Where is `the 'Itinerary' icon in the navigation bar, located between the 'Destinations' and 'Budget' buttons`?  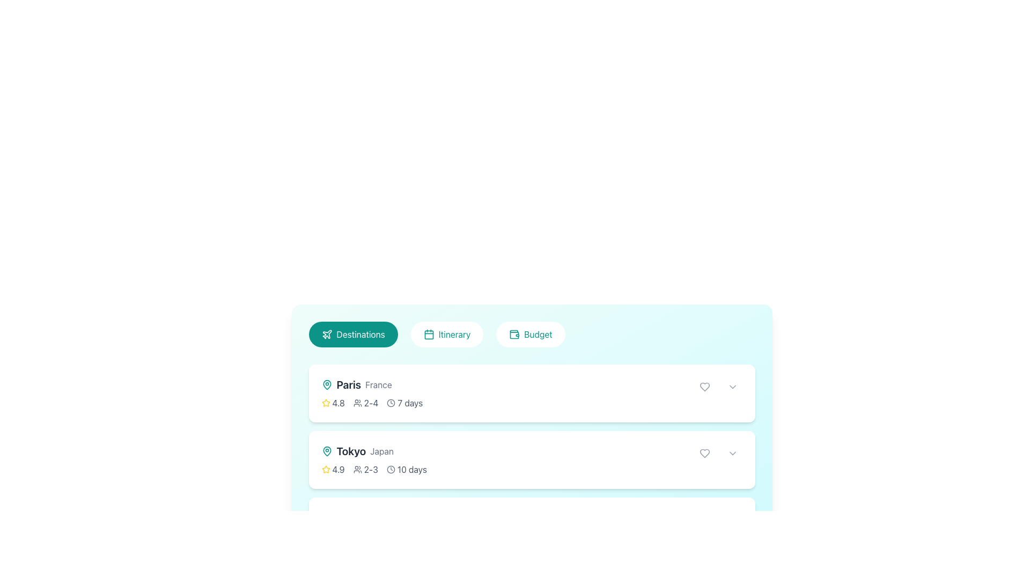 the 'Itinerary' icon in the navigation bar, located between the 'Destinations' and 'Budget' buttons is located at coordinates (428, 334).